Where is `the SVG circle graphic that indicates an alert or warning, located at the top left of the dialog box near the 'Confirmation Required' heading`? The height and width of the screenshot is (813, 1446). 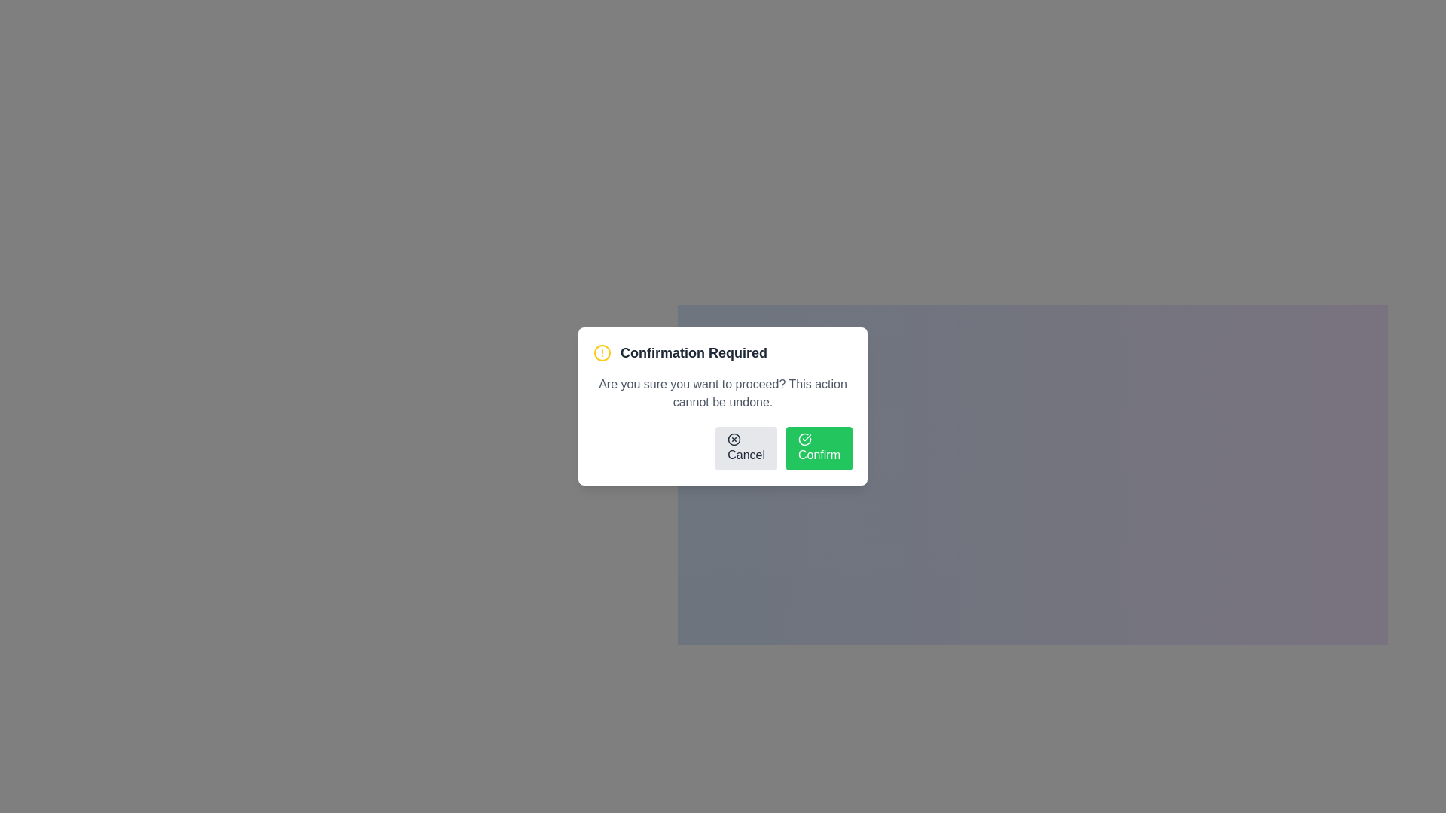
the SVG circle graphic that indicates an alert or warning, located at the top left of the dialog box near the 'Confirmation Required' heading is located at coordinates (602, 353).